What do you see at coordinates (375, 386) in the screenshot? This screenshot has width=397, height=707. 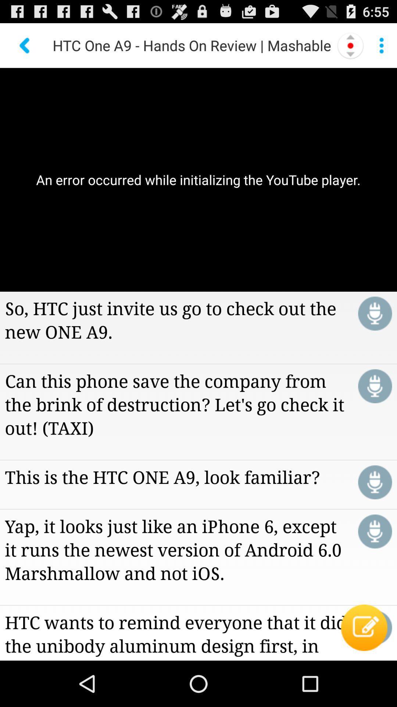 I see `switch to listen` at bounding box center [375, 386].